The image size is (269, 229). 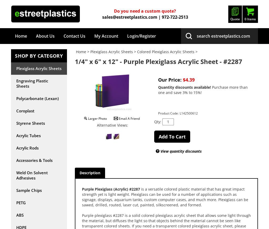 What do you see at coordinates (142, 36) in the screenshot?
I see `'Login/Register'` at bounding box center [142, 36].